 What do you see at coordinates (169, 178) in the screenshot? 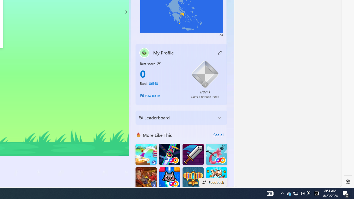
I see `'Kitten Force FRVR'` at bounding box center [169, 178].